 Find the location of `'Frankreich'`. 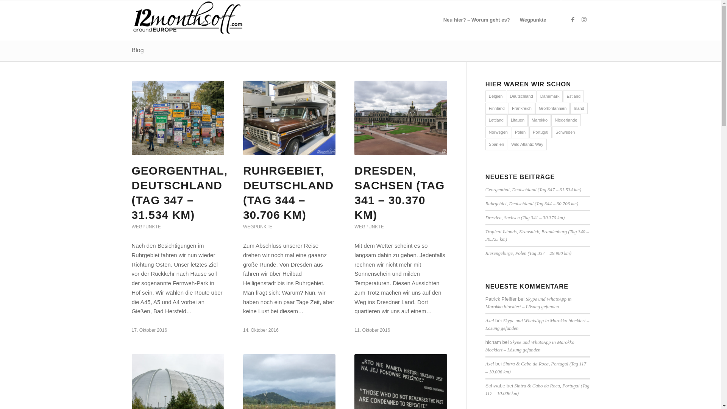

'Frankreich' is located at coordinates (521, 108).